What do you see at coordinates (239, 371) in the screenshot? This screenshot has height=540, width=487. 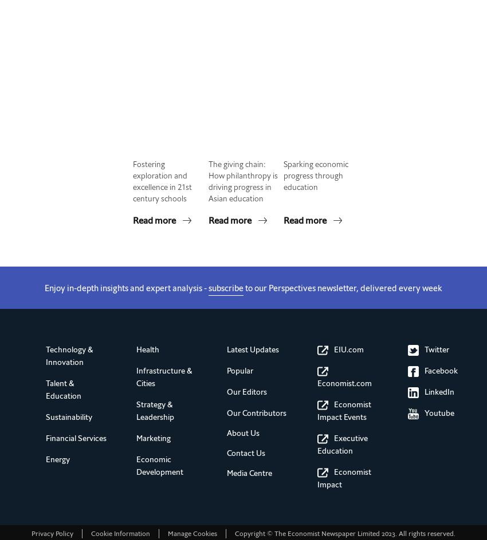 I see `'Popular'` at bounding box center [239, 371].